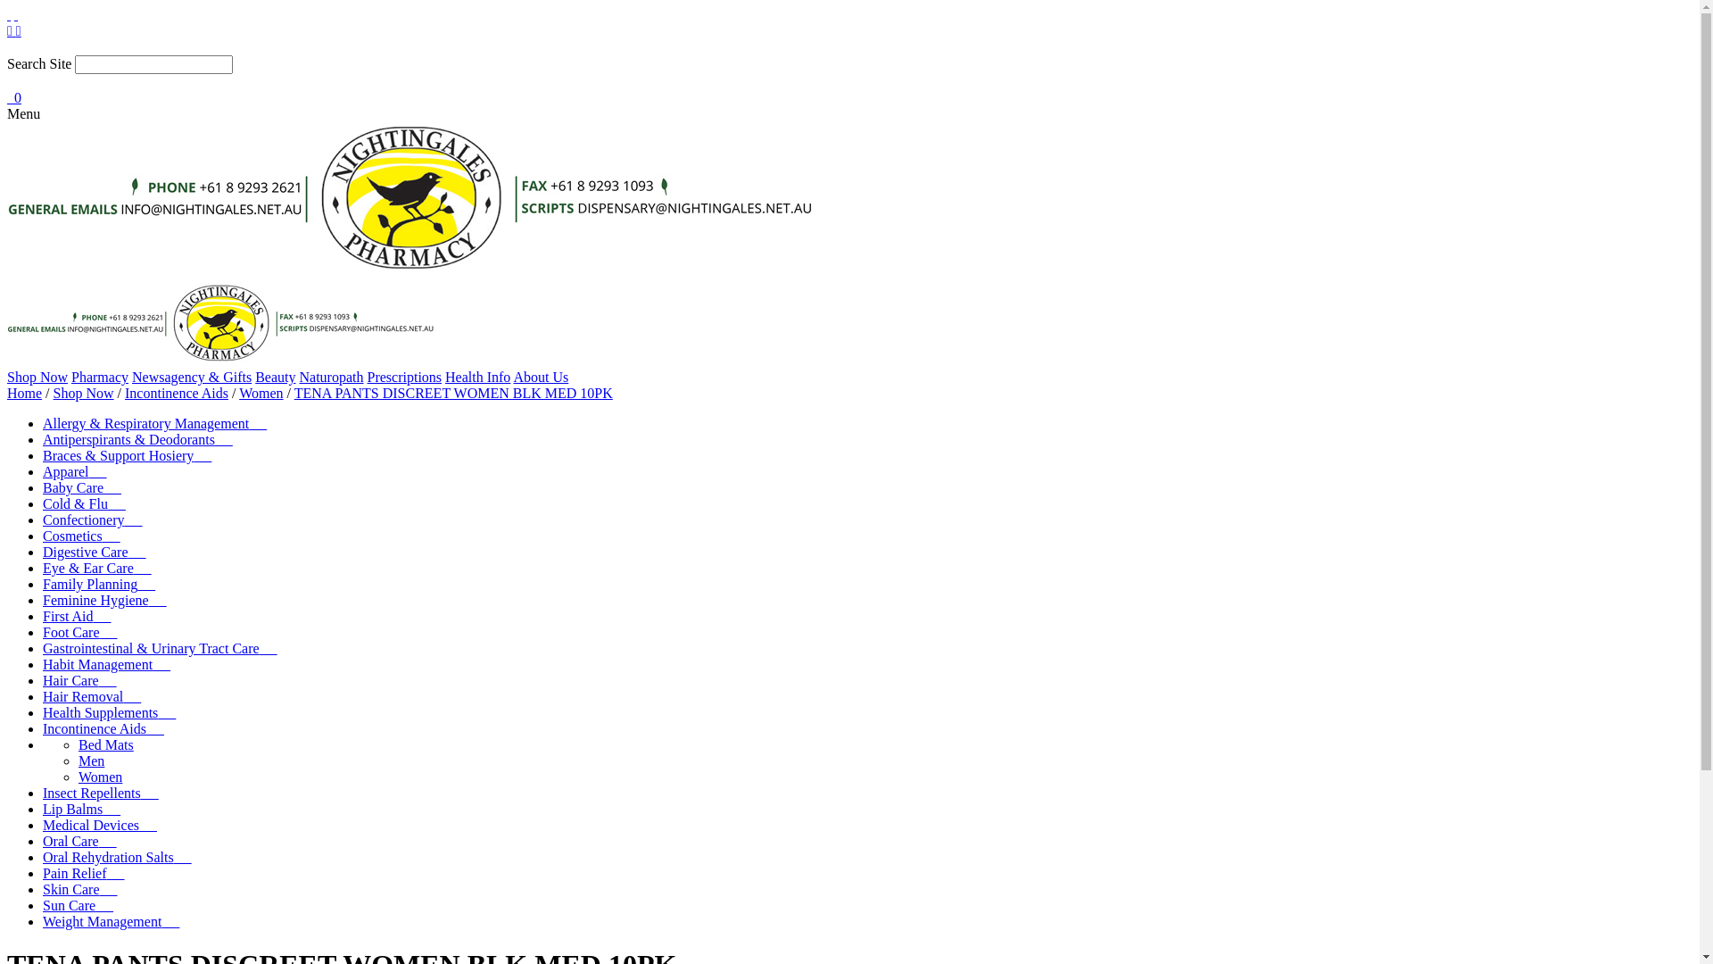 The image size is (1713, 964). What do you see at coordinates (79, 889) in the screenshot?
I see `'Skin Care     '` at bounding box center [79, 889].